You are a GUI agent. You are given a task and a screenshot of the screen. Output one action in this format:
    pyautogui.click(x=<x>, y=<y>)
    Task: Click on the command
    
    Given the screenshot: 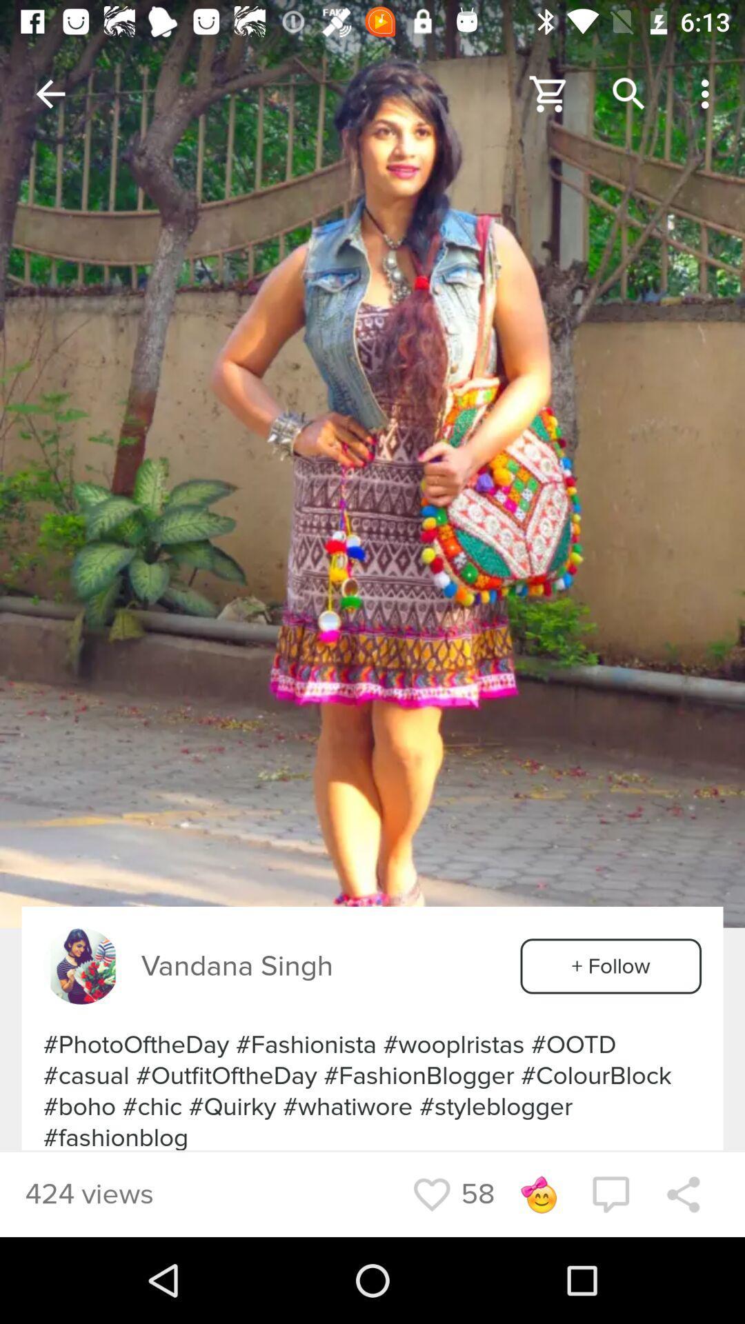 What is the action you would take?
    pyautogui.click(x=610, y=1194)
    